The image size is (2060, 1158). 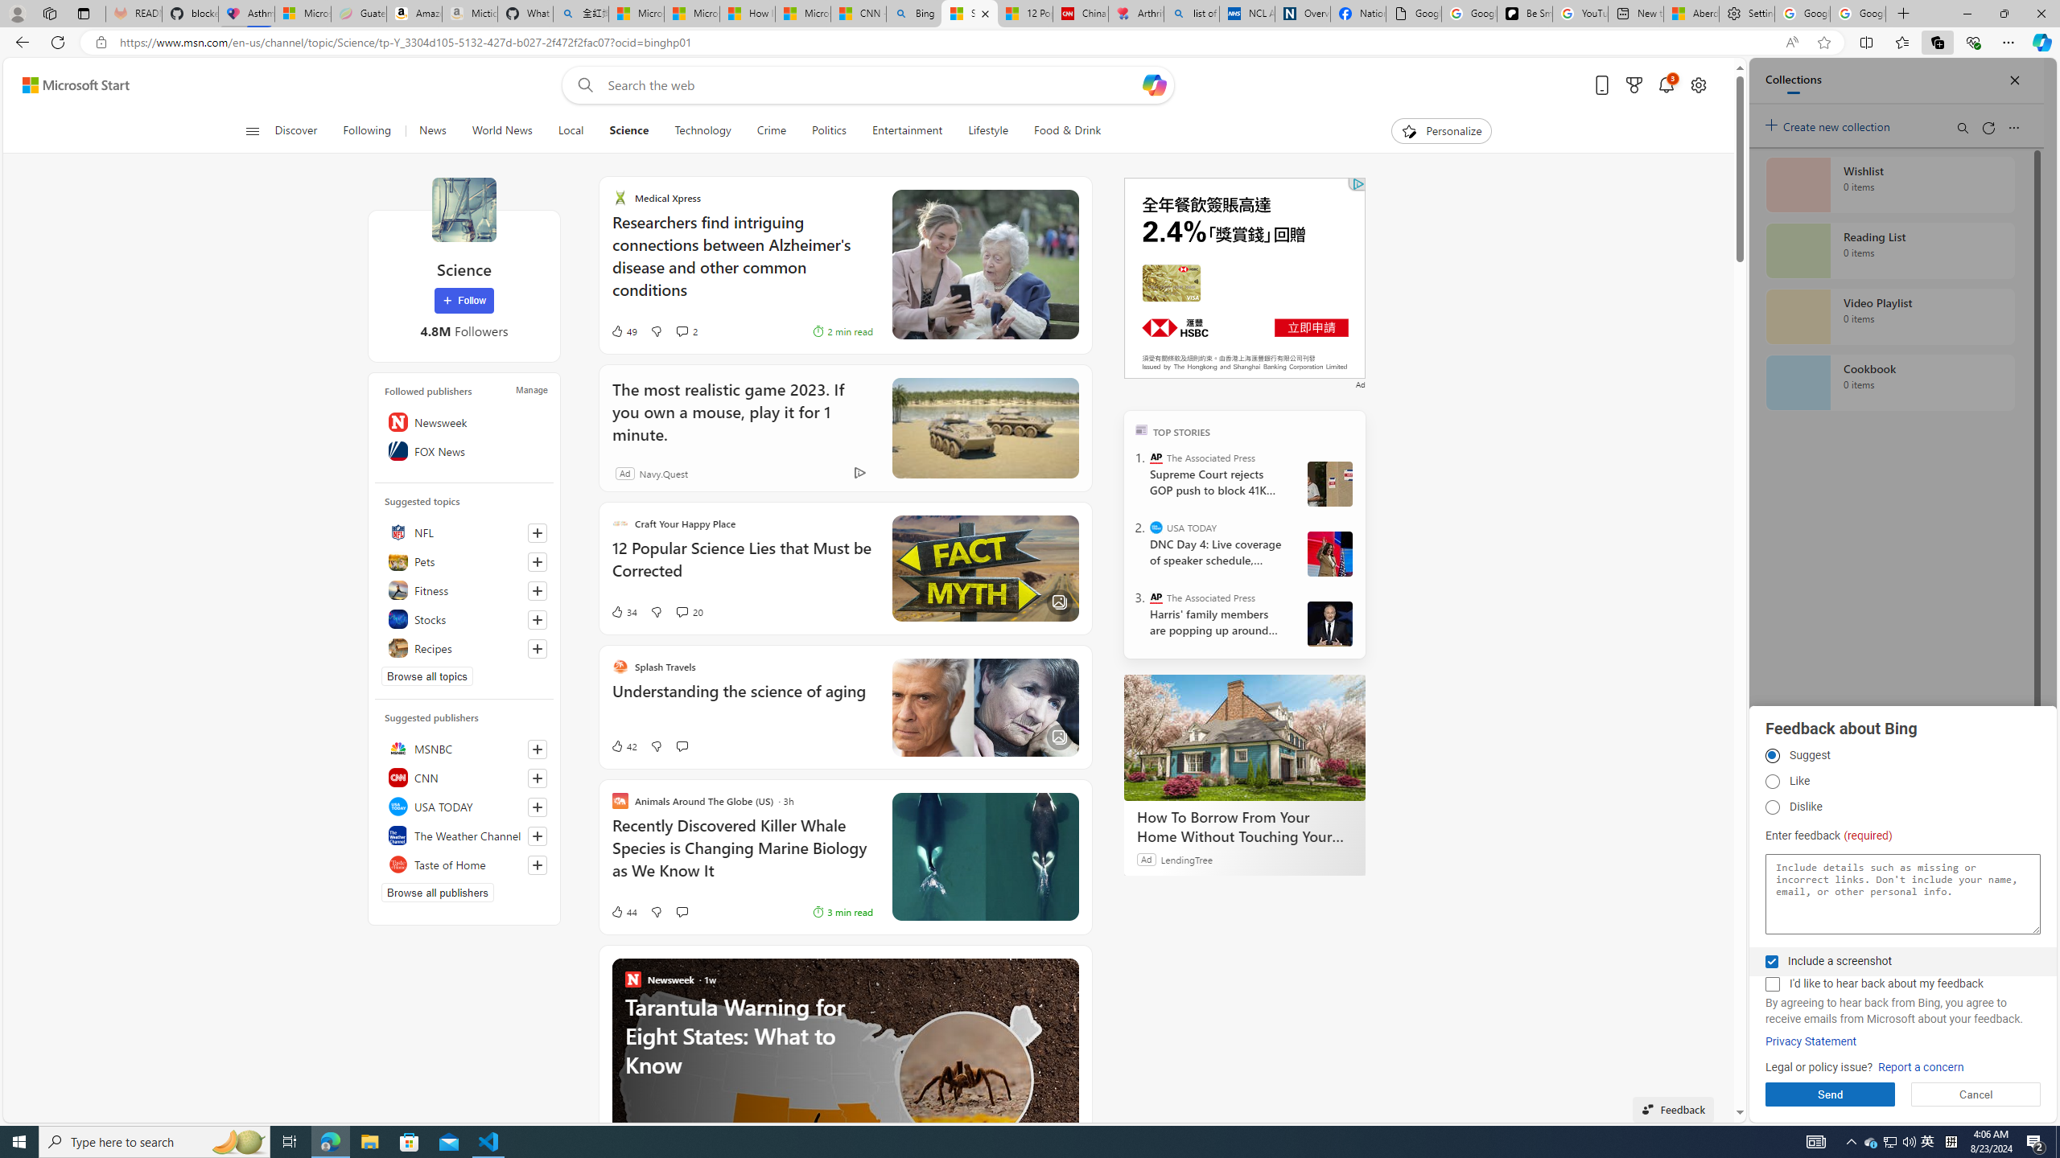 What do you see at coordinates (1771, 782) in the screenshot?
I see `'Like Like'` at bounding box center [1771, 782].